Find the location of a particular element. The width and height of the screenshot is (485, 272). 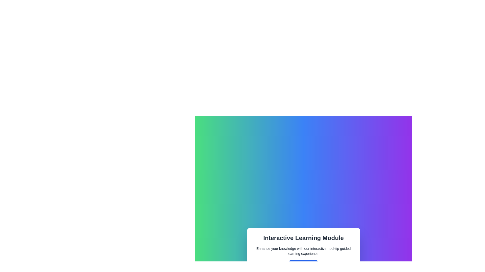

the Interactive Composite Component located at the center bottom section of the 'Interactive Learning Module' card layout to interact with the tooltip is located at coordinates (303, 265).